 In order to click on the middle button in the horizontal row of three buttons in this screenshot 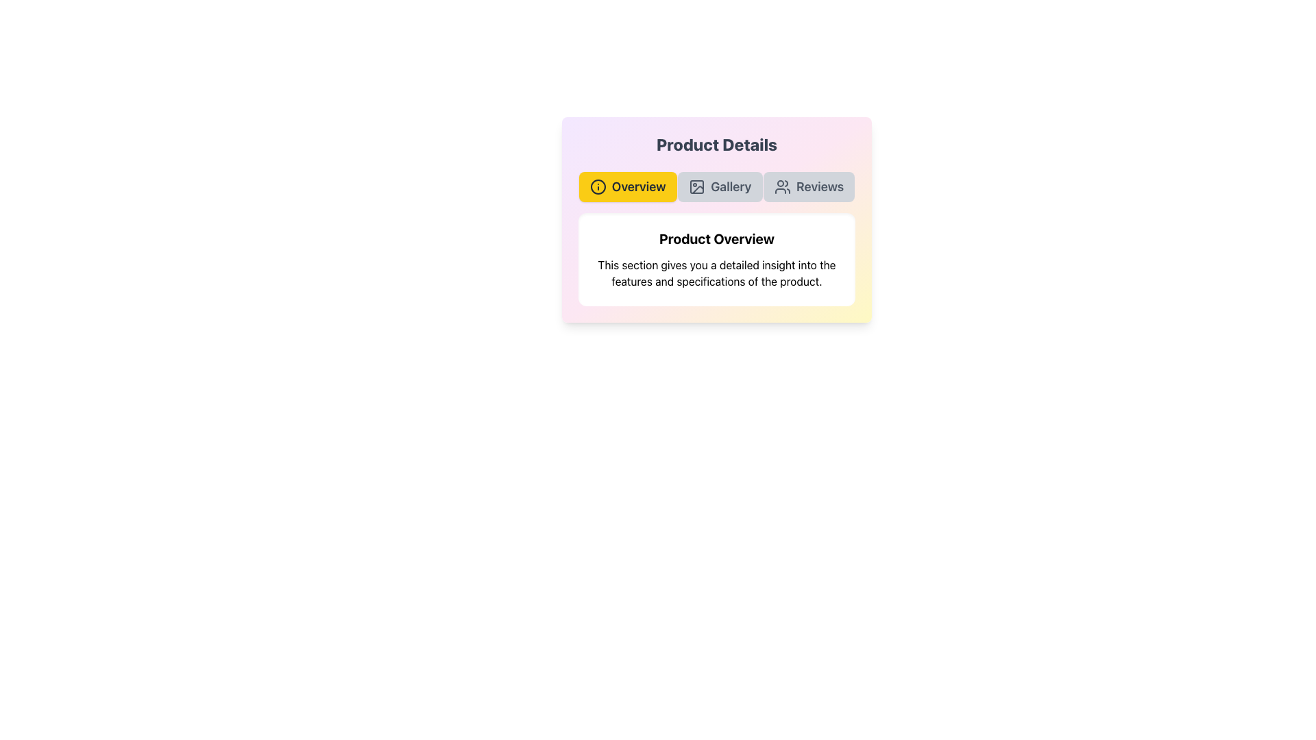, I will do `click(719, 187)`.